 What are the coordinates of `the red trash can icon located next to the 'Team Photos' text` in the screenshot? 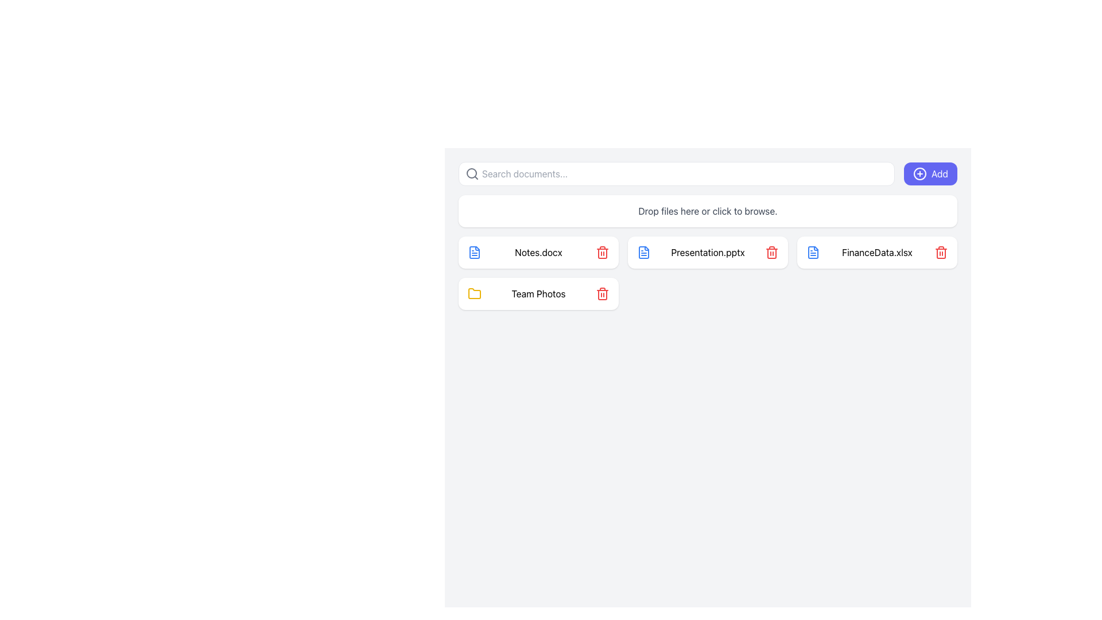 It's located at (602, 293).